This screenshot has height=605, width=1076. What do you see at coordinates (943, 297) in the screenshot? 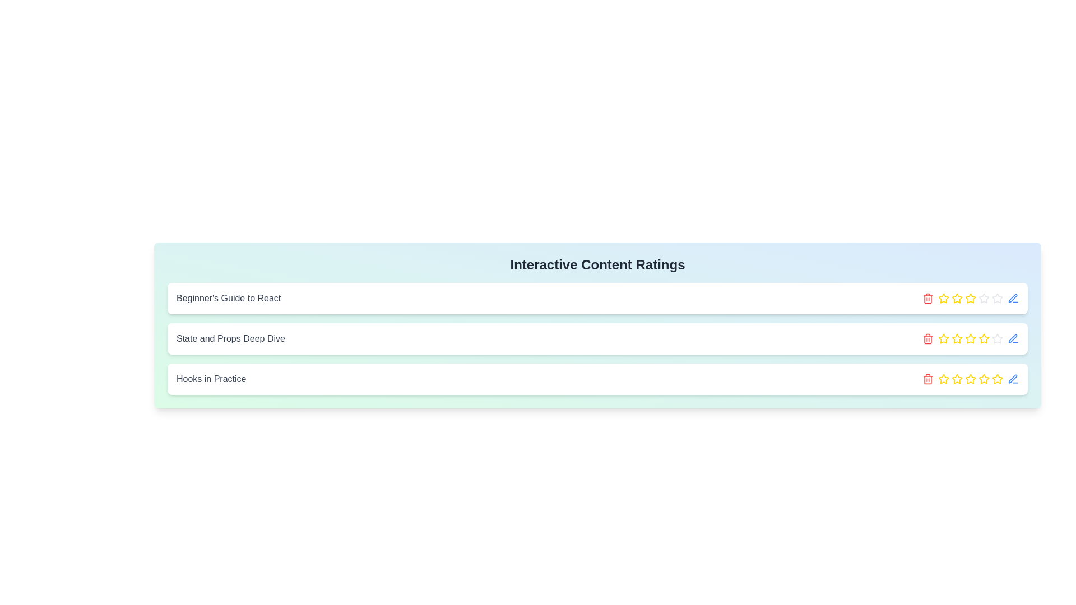
I see `the first hollow star-shaped rating icon with yellow borders` at bounding box center [943, 297].